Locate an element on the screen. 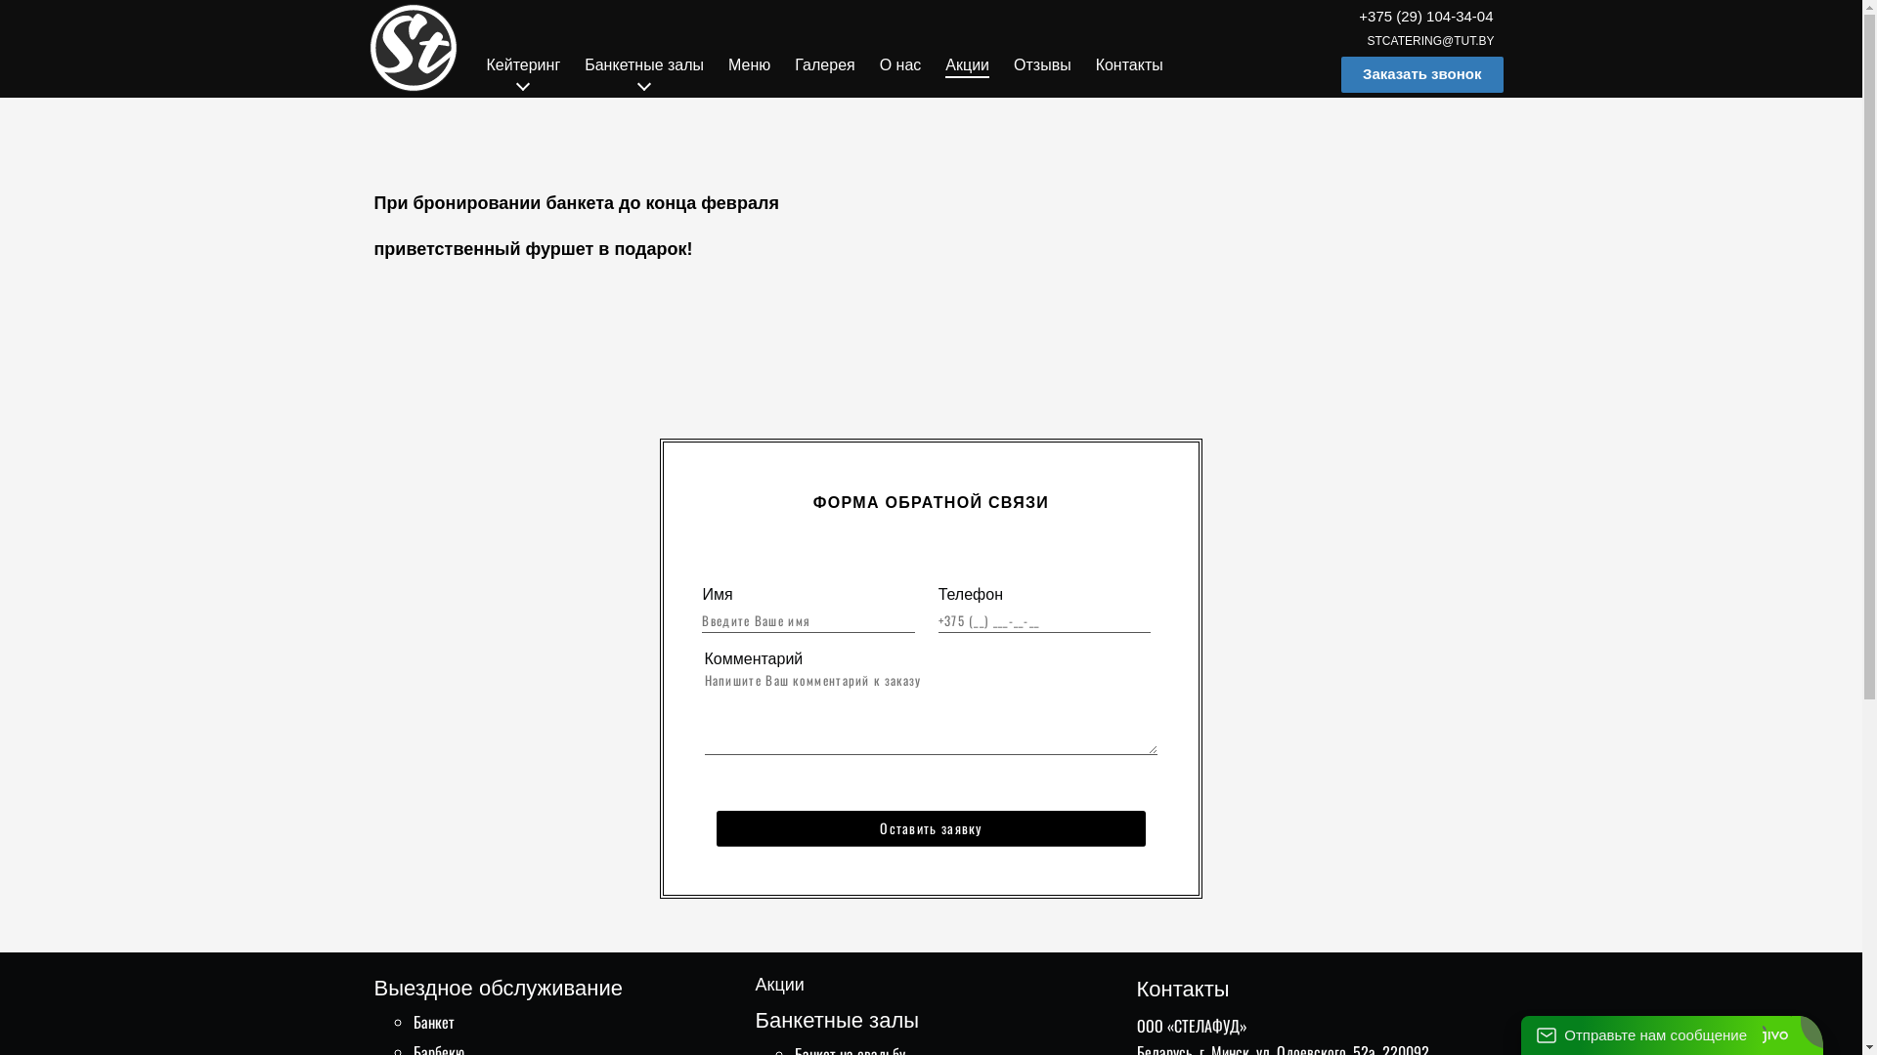 The width and height of the screenshot is (1877, 1055). 'Stcatering.by - Catering Stolitsa' is located at coordinates (412, 47).